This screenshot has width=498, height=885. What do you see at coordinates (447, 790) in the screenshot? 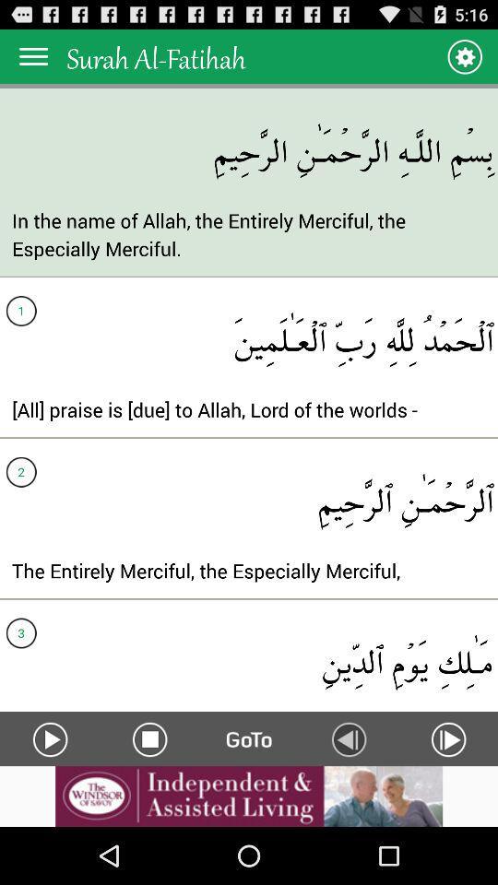
I see `the skip_next icon` at bounding box center [447, 790].